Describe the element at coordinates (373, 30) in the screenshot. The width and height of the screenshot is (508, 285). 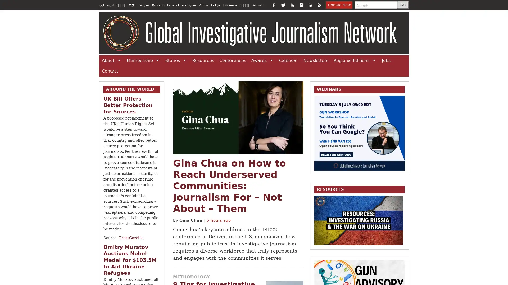
I see `Close` at that location.